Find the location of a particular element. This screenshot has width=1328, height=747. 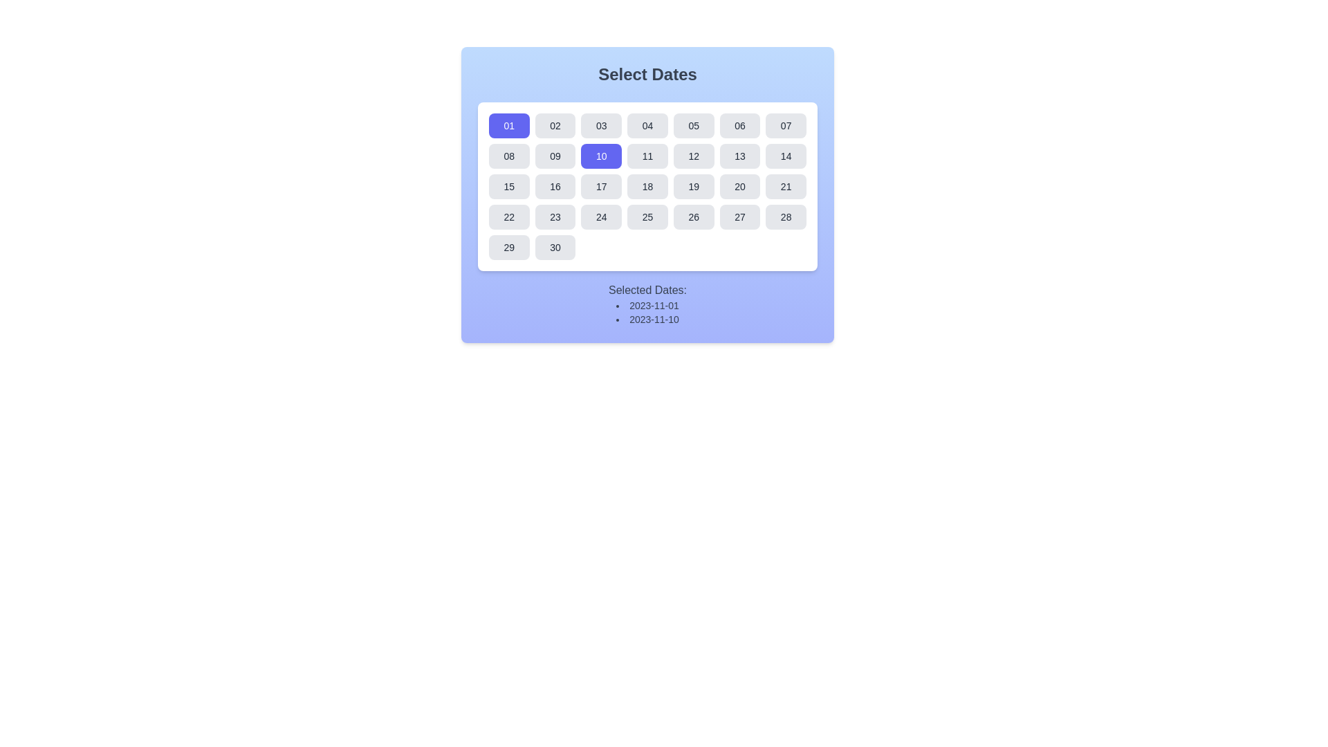

the button displaying '30' with rounded corners and a gray font is located at coordinates (555, 247).